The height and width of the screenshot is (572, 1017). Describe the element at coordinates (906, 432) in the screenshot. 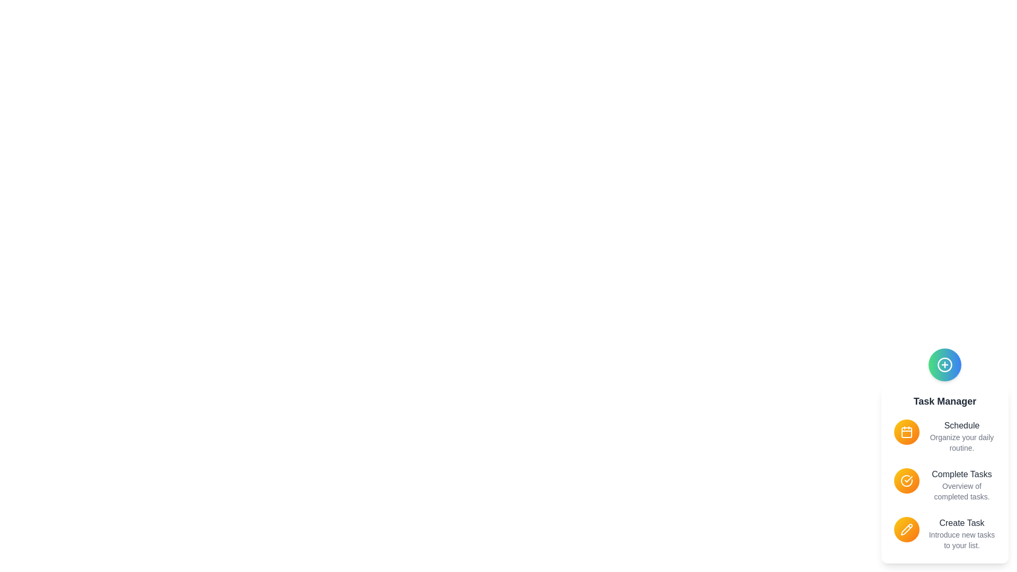

I see `the 'Schedule' task option` at that location.